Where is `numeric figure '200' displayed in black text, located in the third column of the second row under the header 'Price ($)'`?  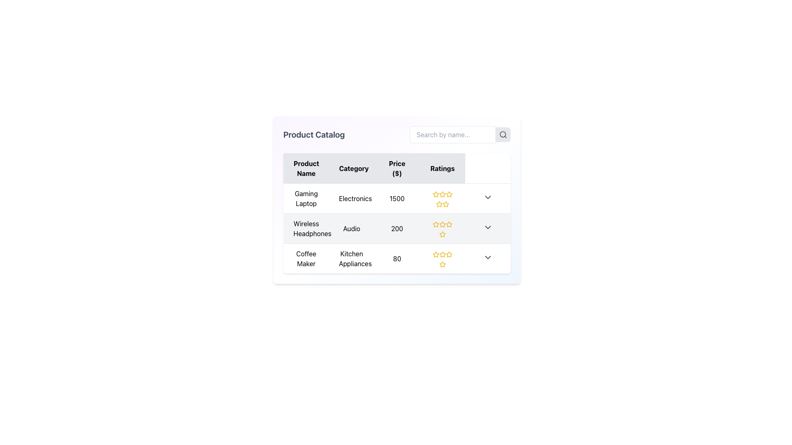
numeric figure '200' displayed in black text, located in the third column of the second row under the header 'Price ($)' is located at coordinates (397, 229).